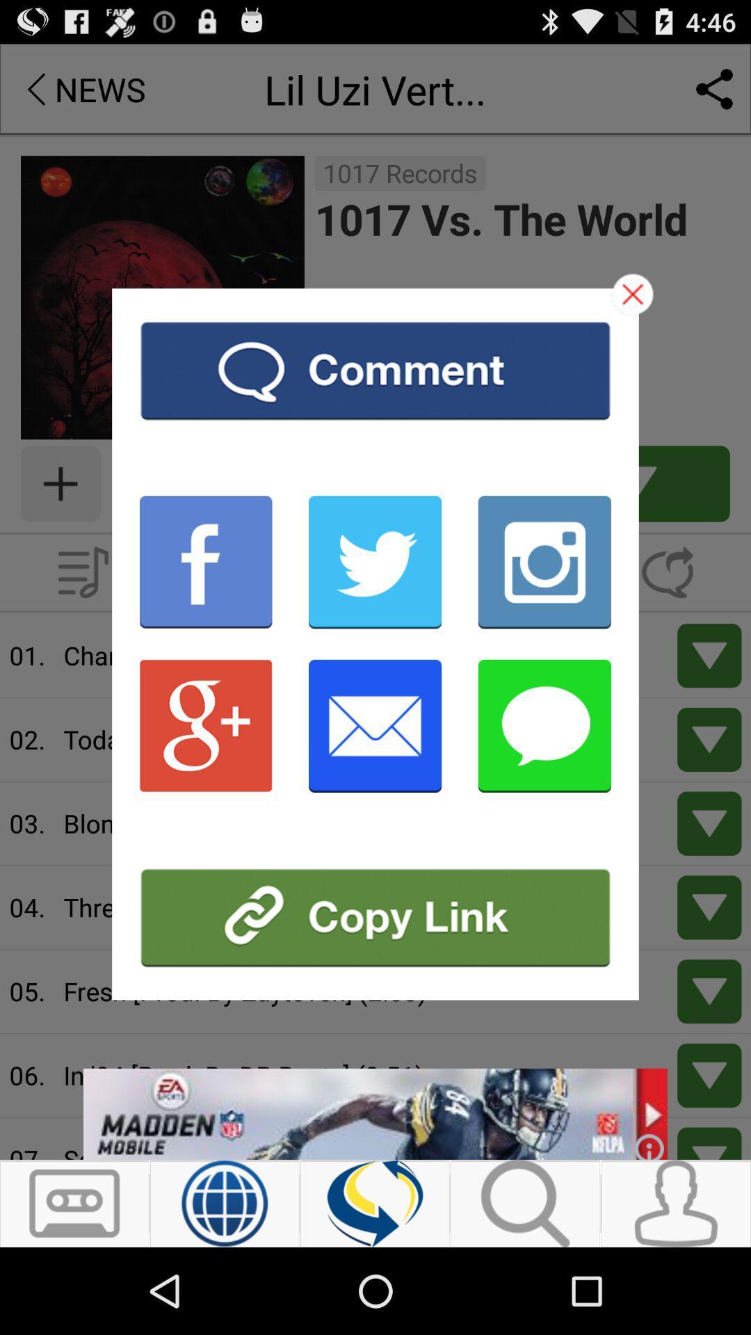 Image resolution: width=751 pixels, height=1335 pixels. I want to click on email, so click(374, 725).